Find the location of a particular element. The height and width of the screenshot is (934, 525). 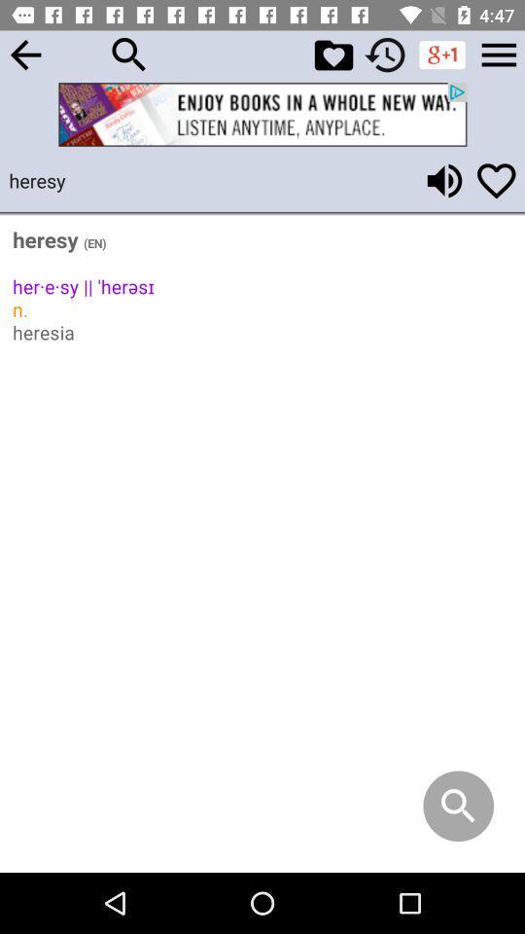

to favorites is located at coordinates (496, 180).